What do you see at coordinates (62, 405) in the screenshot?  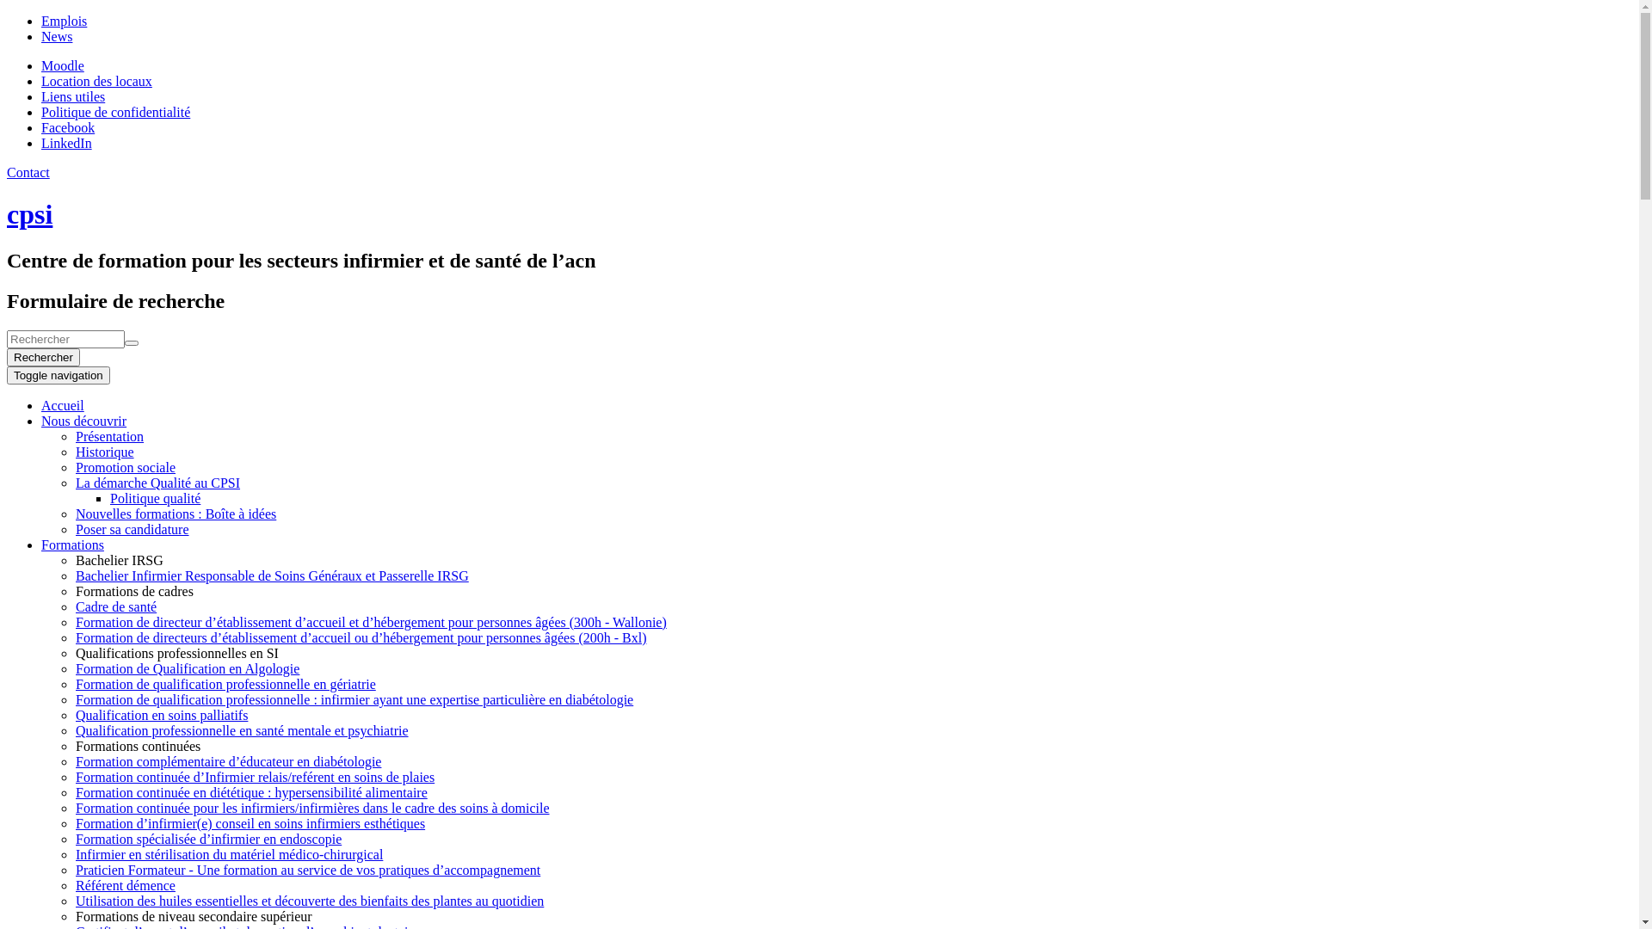 I see `'Accueil'` at bounding box center [62, 405].